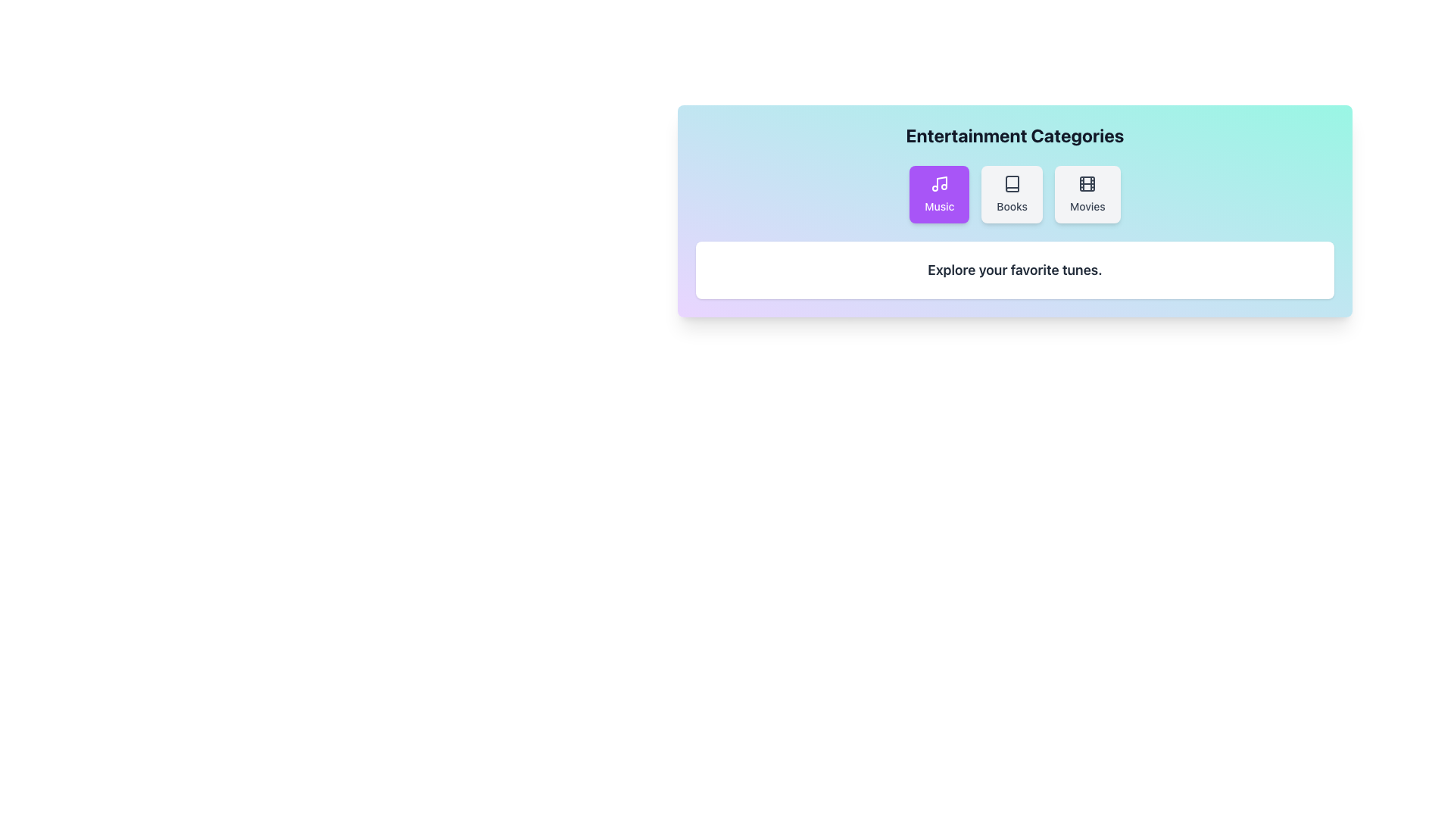 This screenshot has width=1454, height=818. Describe the element at coordinates (1087, 183) in the screenshot. I see `the film icon located in the center of the 'Movies' section within the 'Entertainment Categories' row to associate it with the Movies section` at that location.